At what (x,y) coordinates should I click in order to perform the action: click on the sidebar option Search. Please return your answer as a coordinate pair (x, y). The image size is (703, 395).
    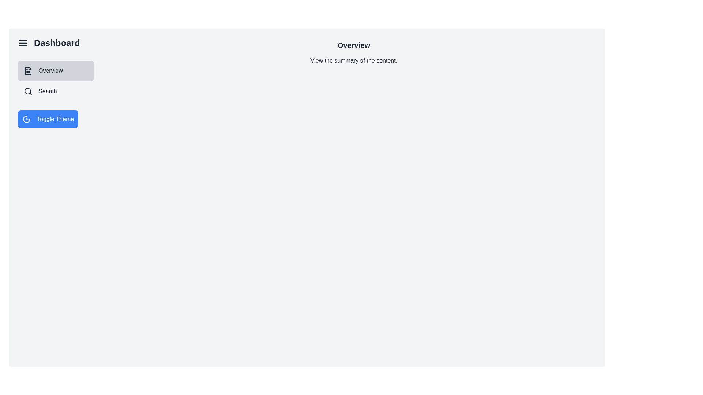
    Looking at the image, I should click on (56, 91).